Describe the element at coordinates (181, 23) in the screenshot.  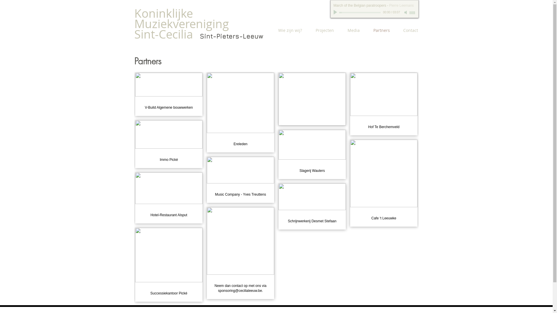
I see `'Koninklijke Muziekvereniging Sint-Cecilia'` at that location.